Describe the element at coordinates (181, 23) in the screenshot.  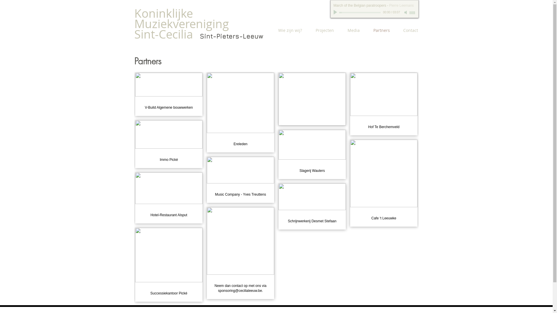
I see `'Koninklijke Muziekvereniging Sint-Cecilia'` at that location.